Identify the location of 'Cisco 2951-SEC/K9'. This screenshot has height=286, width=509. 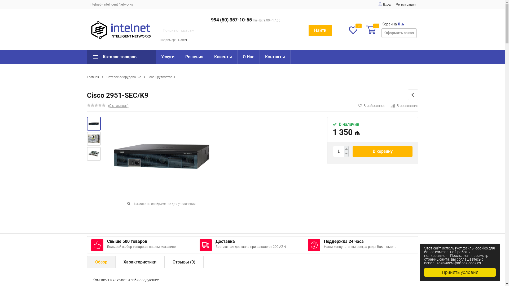
(94, 123).